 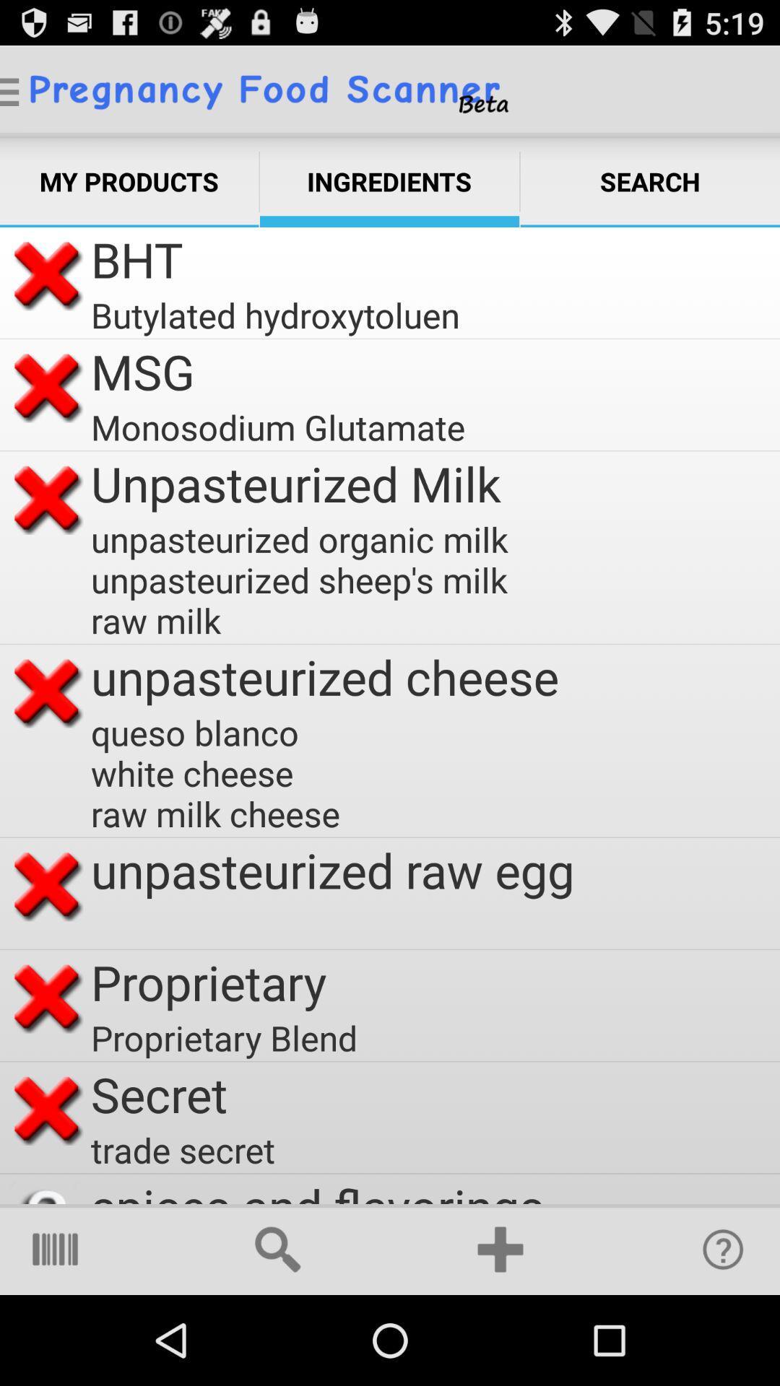 What do you see at coordinates (325, 676) in the screenshot?
I see `unpasteurized cheese` at bounding box center [325, 676].